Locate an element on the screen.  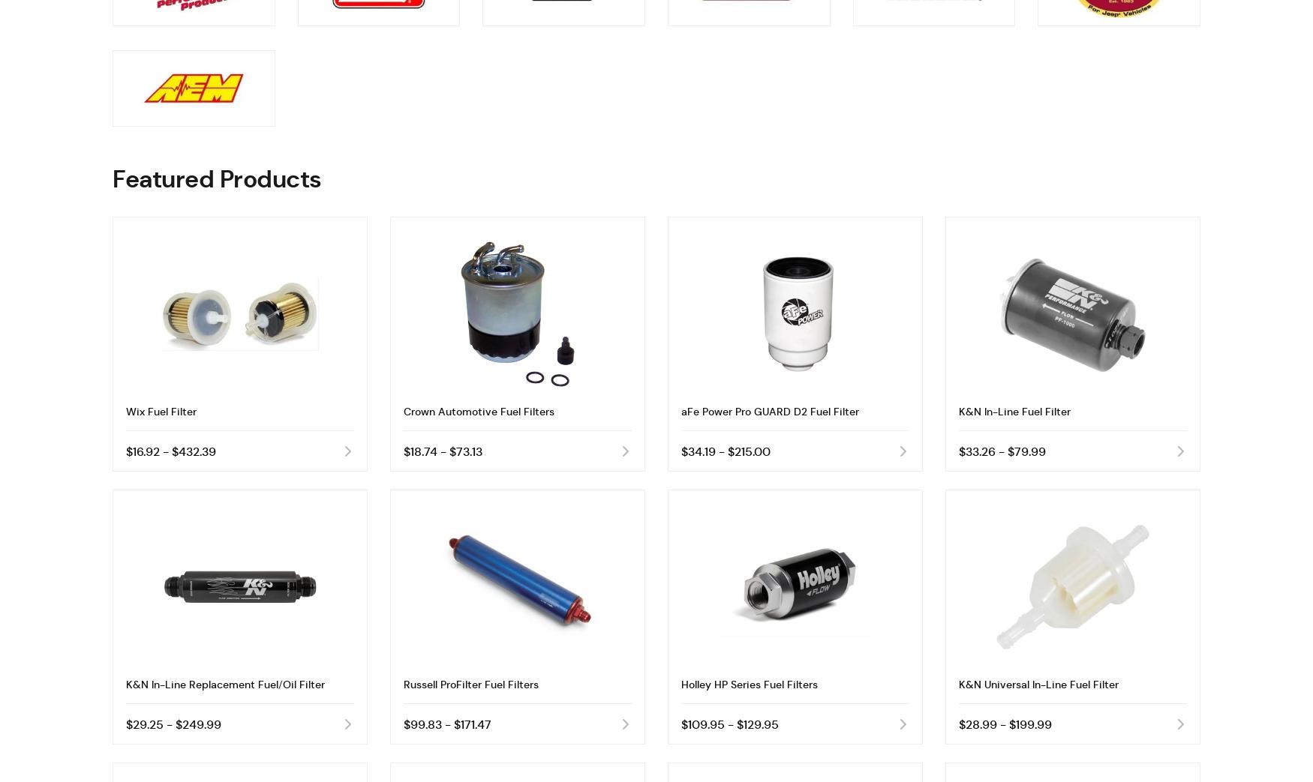
'$34.19' is located at coordinates (698, 451).